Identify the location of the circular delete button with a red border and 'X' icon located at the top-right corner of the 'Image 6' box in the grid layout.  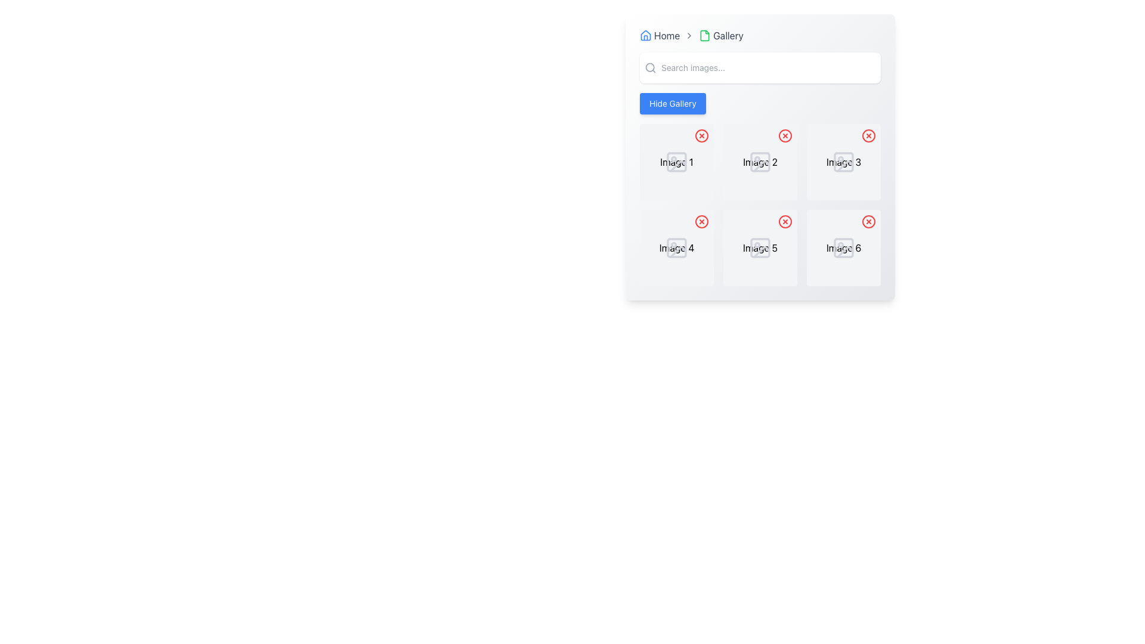
(869, 221).